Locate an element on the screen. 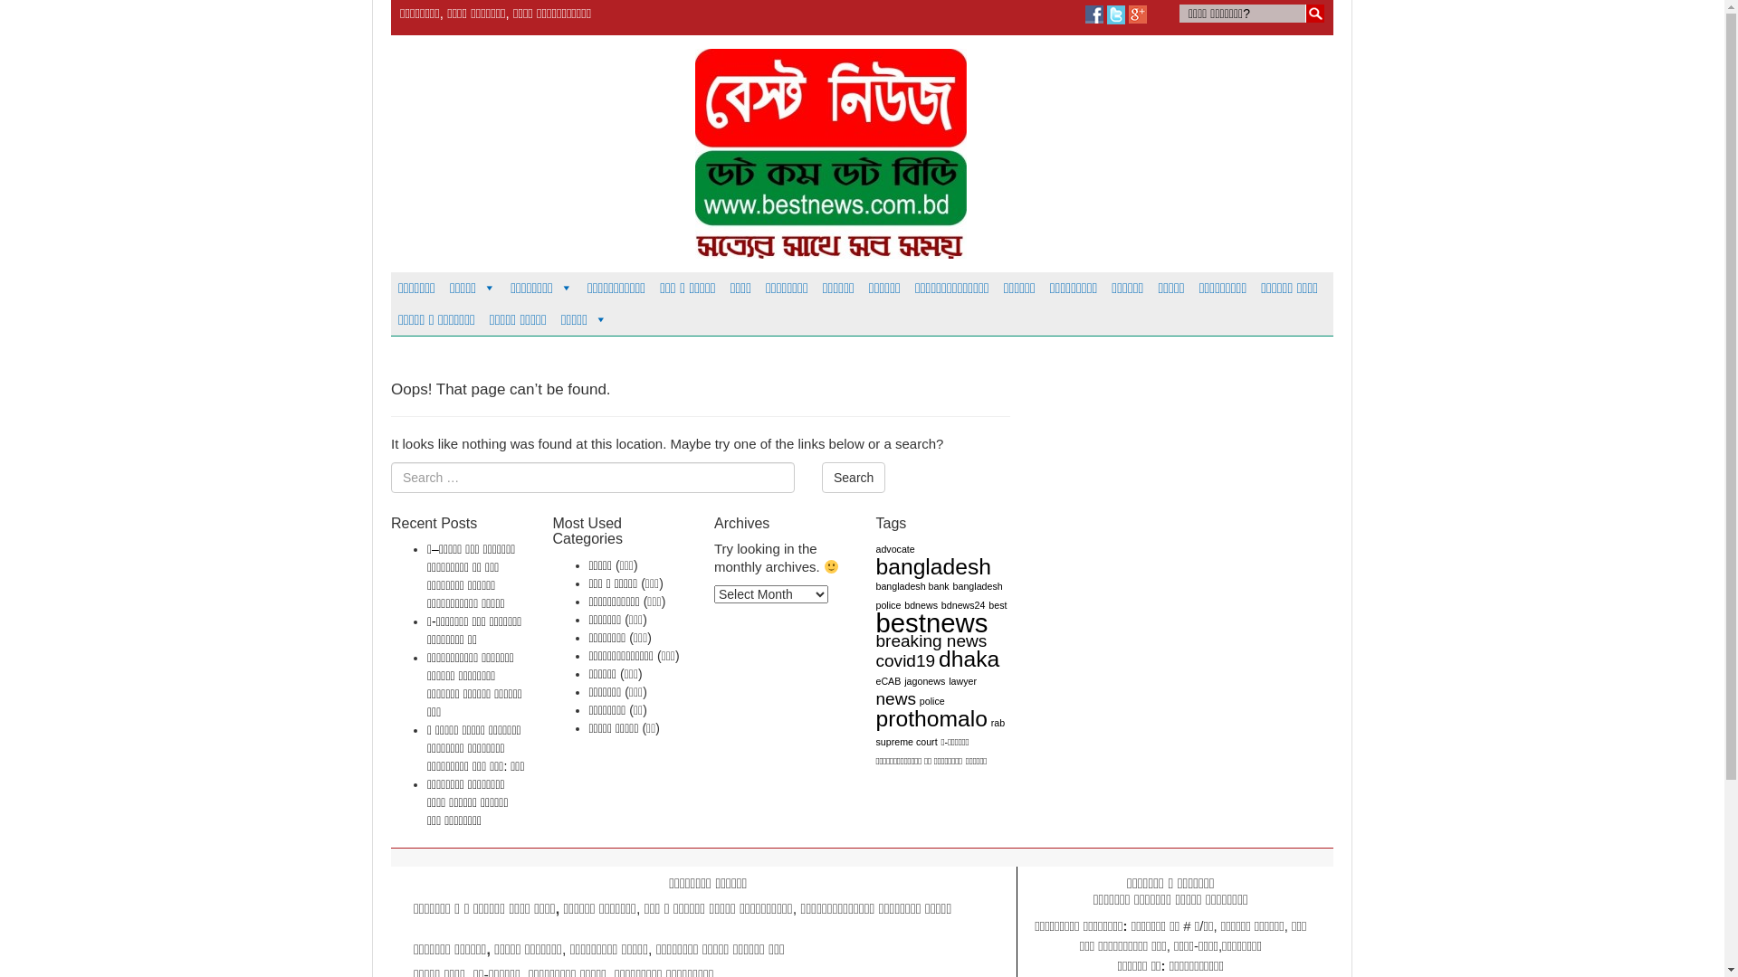 This screenshot has height=977, width=1738. 'police' is located at coordinates (932, 700).